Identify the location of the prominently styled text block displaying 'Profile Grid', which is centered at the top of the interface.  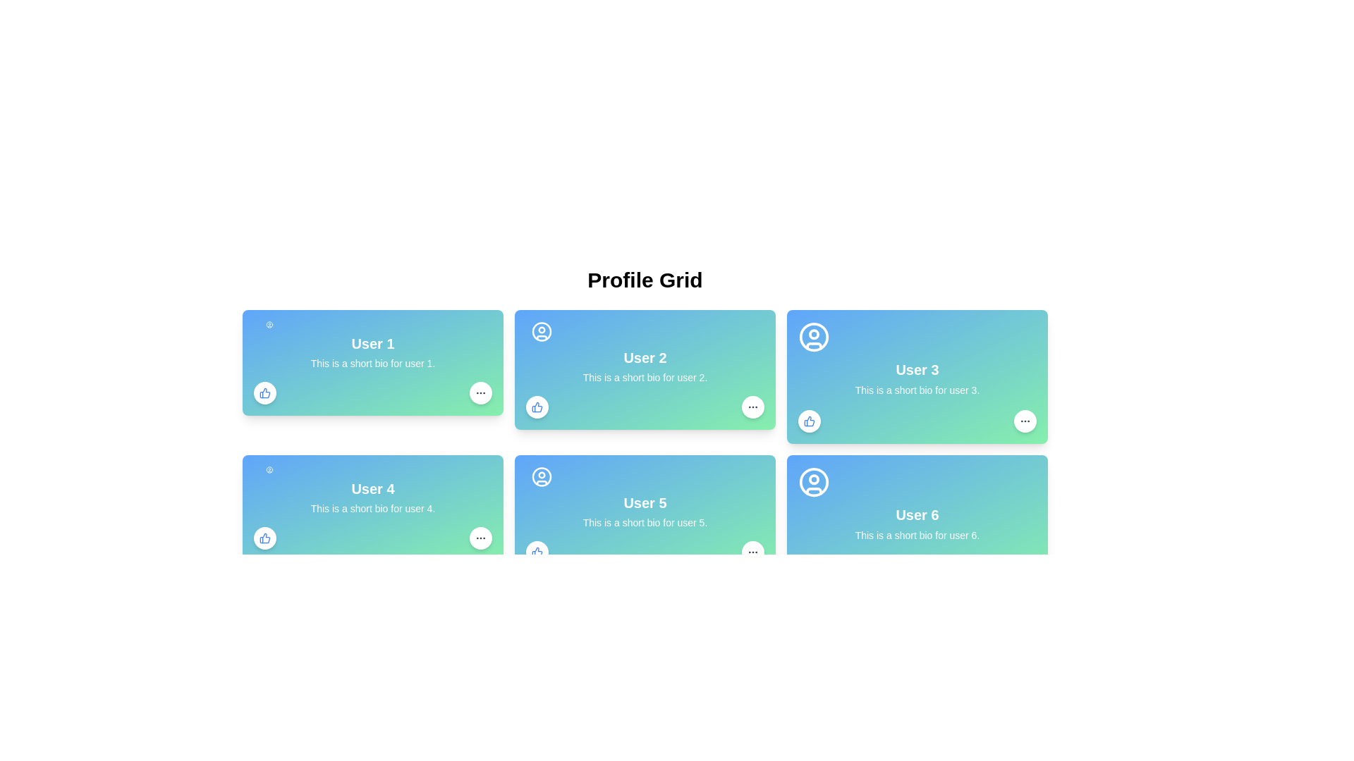
(645, 280).